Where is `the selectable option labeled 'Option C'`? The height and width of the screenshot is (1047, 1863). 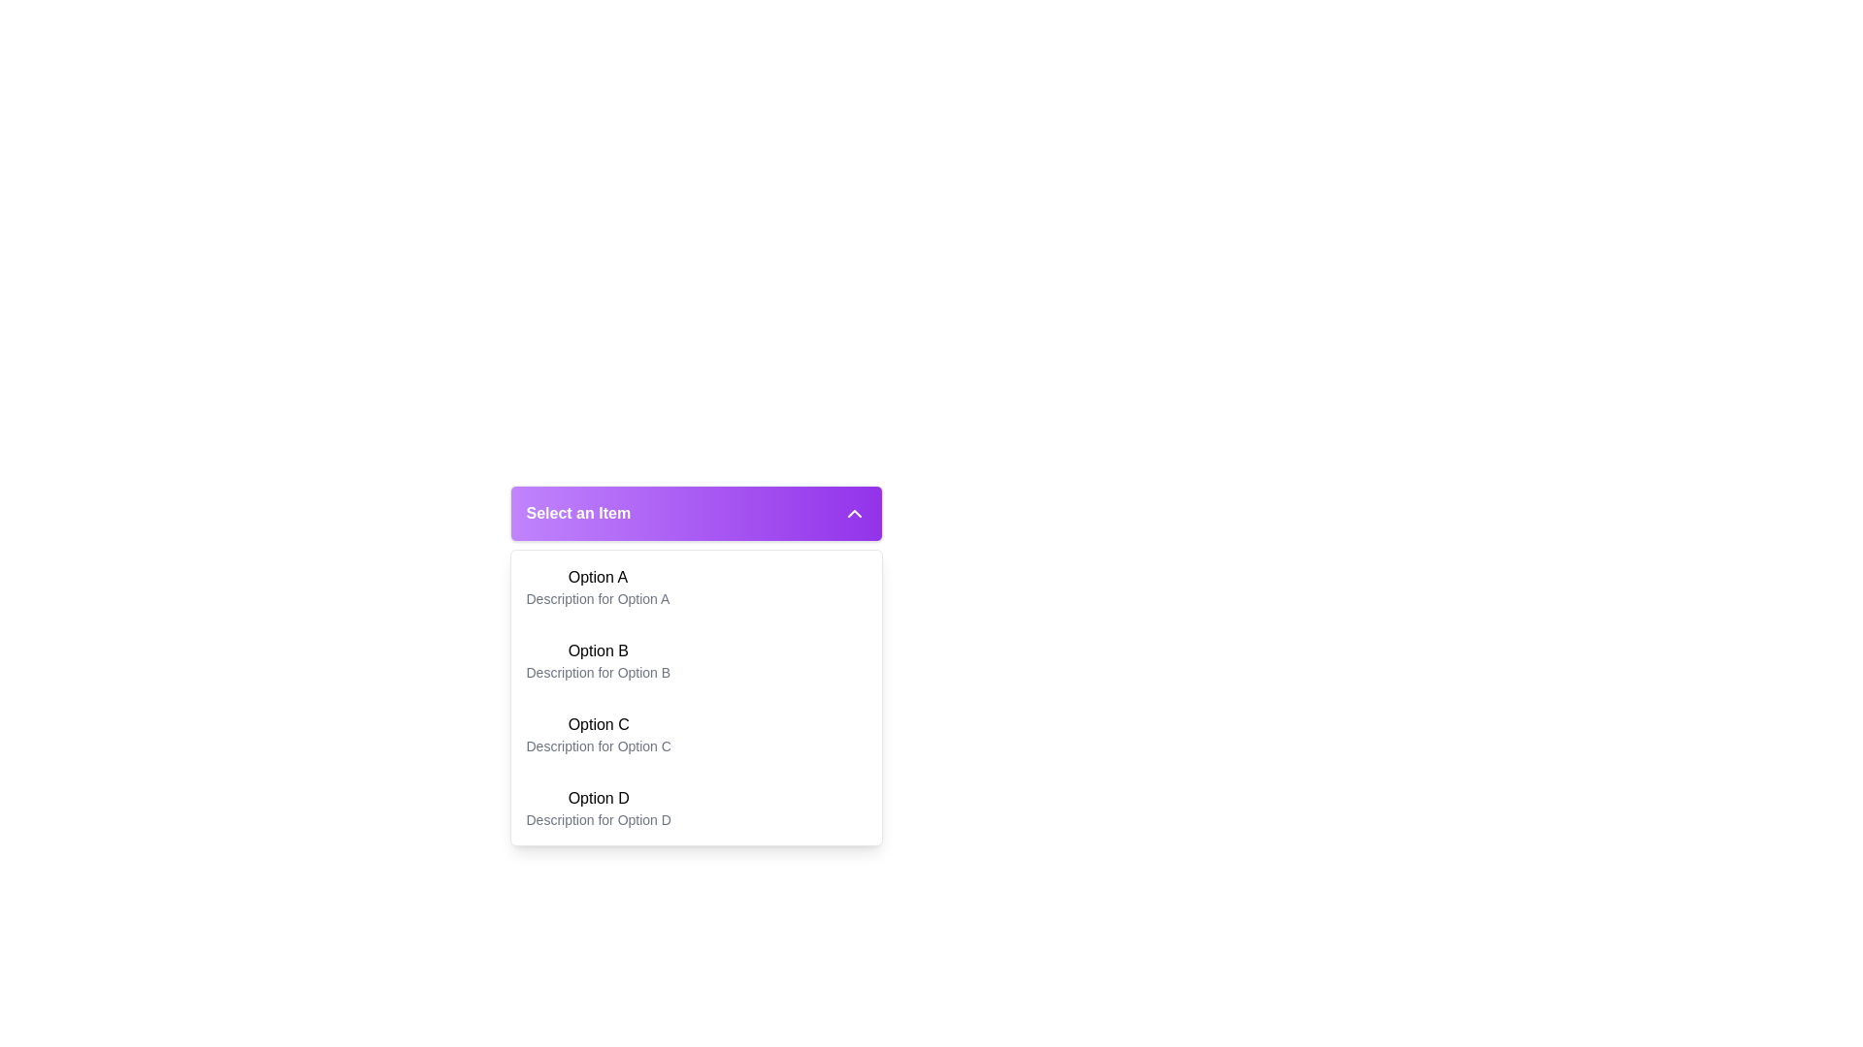 the selectable option labeled 'Option C' is located at coordinates (696, 735).